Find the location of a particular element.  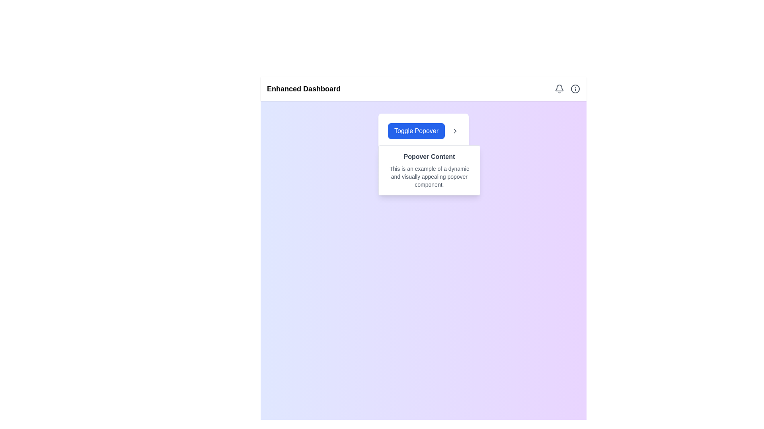

the SVG icon depicting a chevron pointing to the right, which is positioned immediately to the right of the 'Toggle Popover' button is located at coordinates (455, 131).